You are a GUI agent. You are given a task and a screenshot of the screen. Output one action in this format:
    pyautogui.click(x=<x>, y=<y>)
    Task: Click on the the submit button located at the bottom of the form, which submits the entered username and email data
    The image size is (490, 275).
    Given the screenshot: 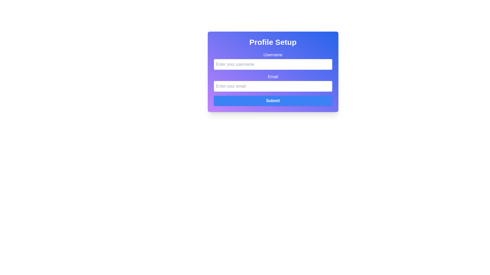 What is the action you would take?
    pyautogui.click(x=273, y=101)
    